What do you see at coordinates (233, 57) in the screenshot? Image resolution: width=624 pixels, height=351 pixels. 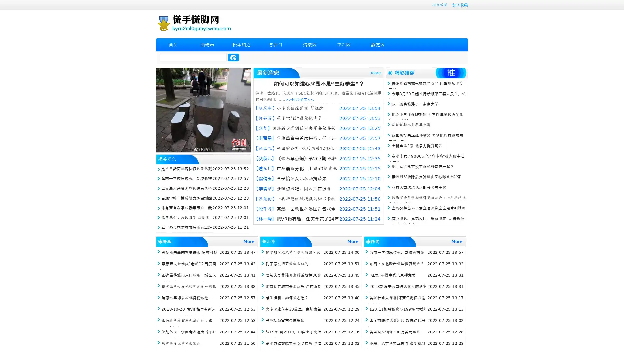 I see `Search` at bounding box center [233, 57].